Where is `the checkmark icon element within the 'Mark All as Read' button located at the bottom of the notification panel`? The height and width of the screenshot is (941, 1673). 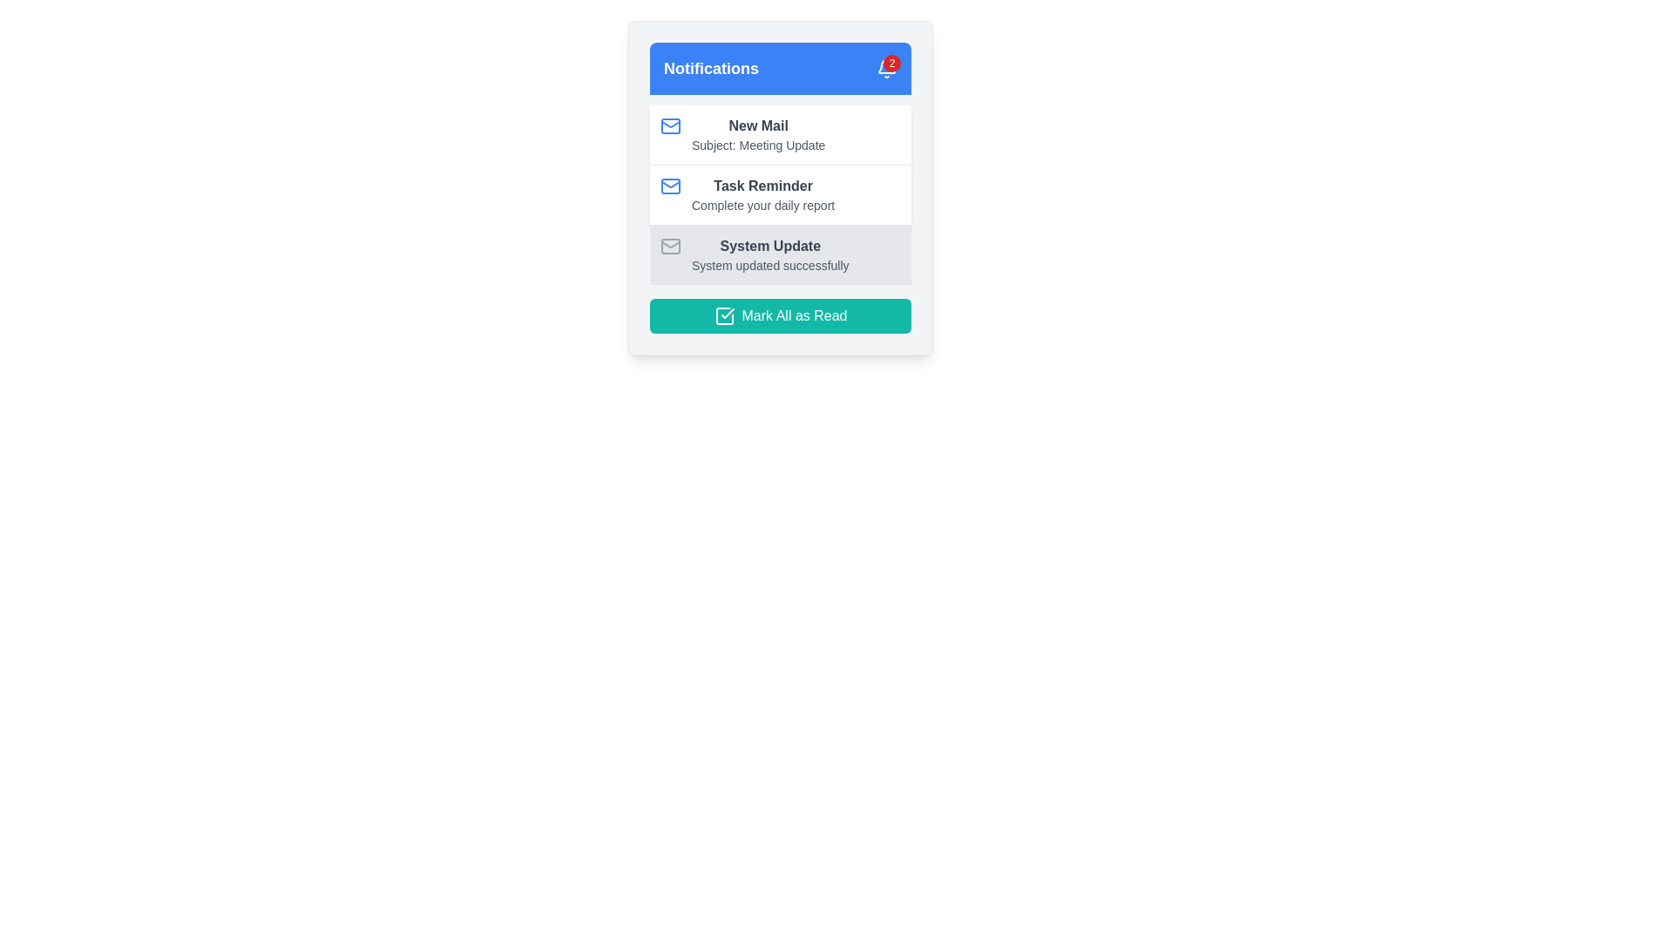
the checkmark icon element within the 'Mark All as Read' button located at the bottom of the notification panel is located at coordinates (728, 312).